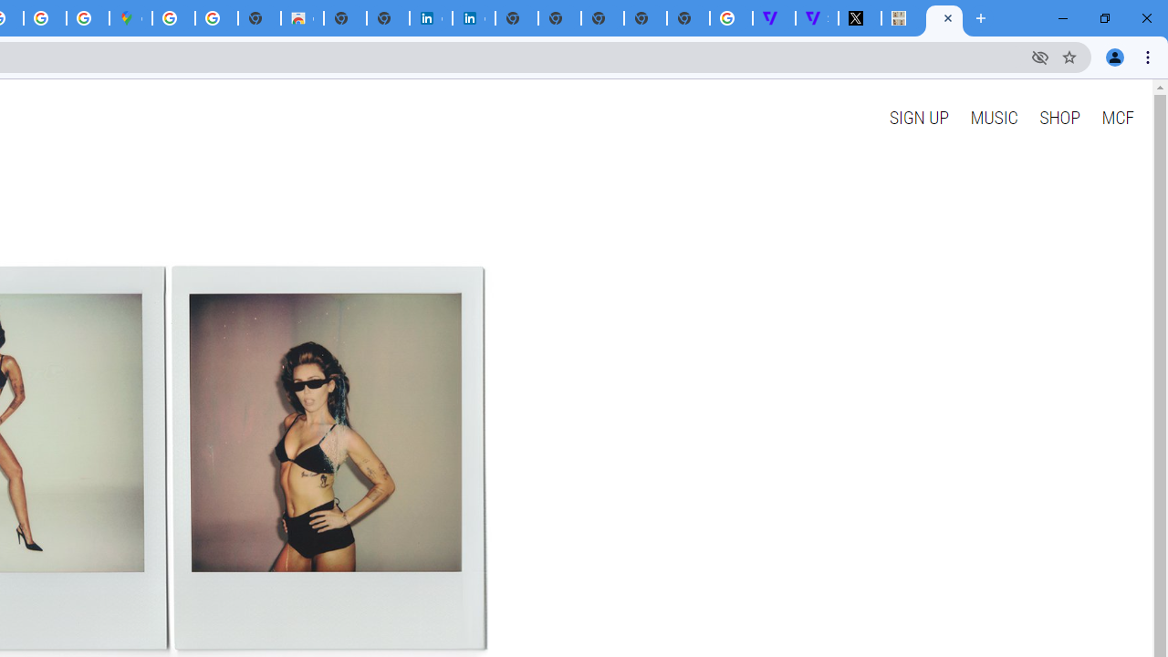 This screenshot has height=657, width=1168. What do you see at coordinates (993, 117) in the screenshot?
I see `'MUSIC'` at bounding box center [993, 117].